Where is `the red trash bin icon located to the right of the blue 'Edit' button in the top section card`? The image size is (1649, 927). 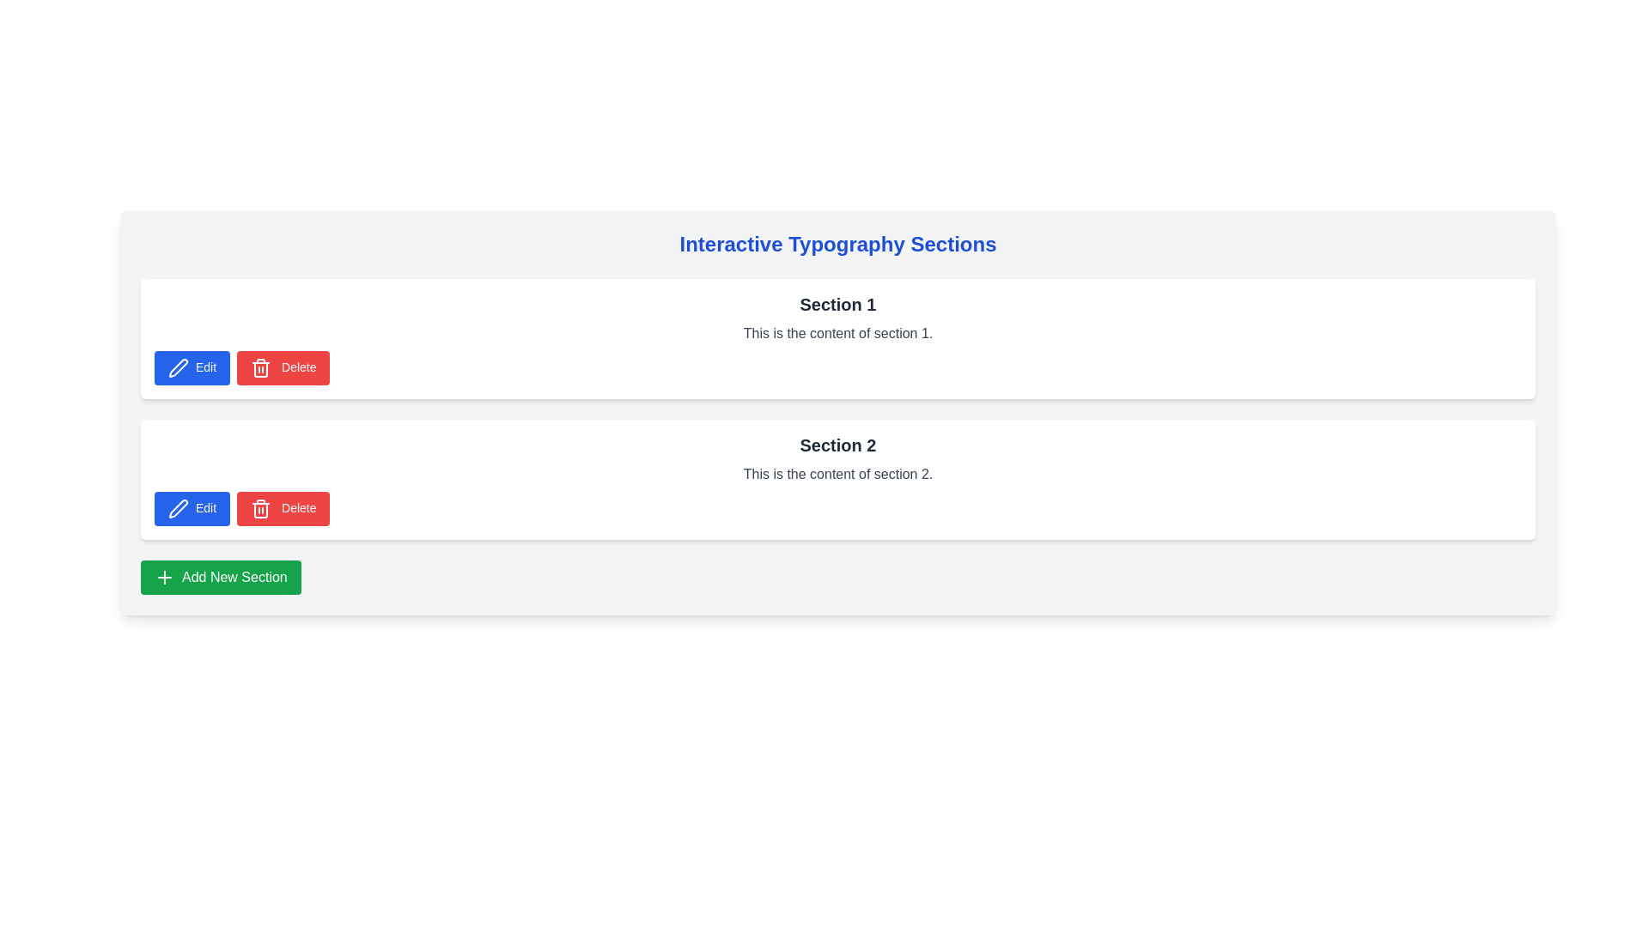 the red trash bin icon located to the right of the blue 'Edit' button in the top section card is located at coordinates (260, 509).